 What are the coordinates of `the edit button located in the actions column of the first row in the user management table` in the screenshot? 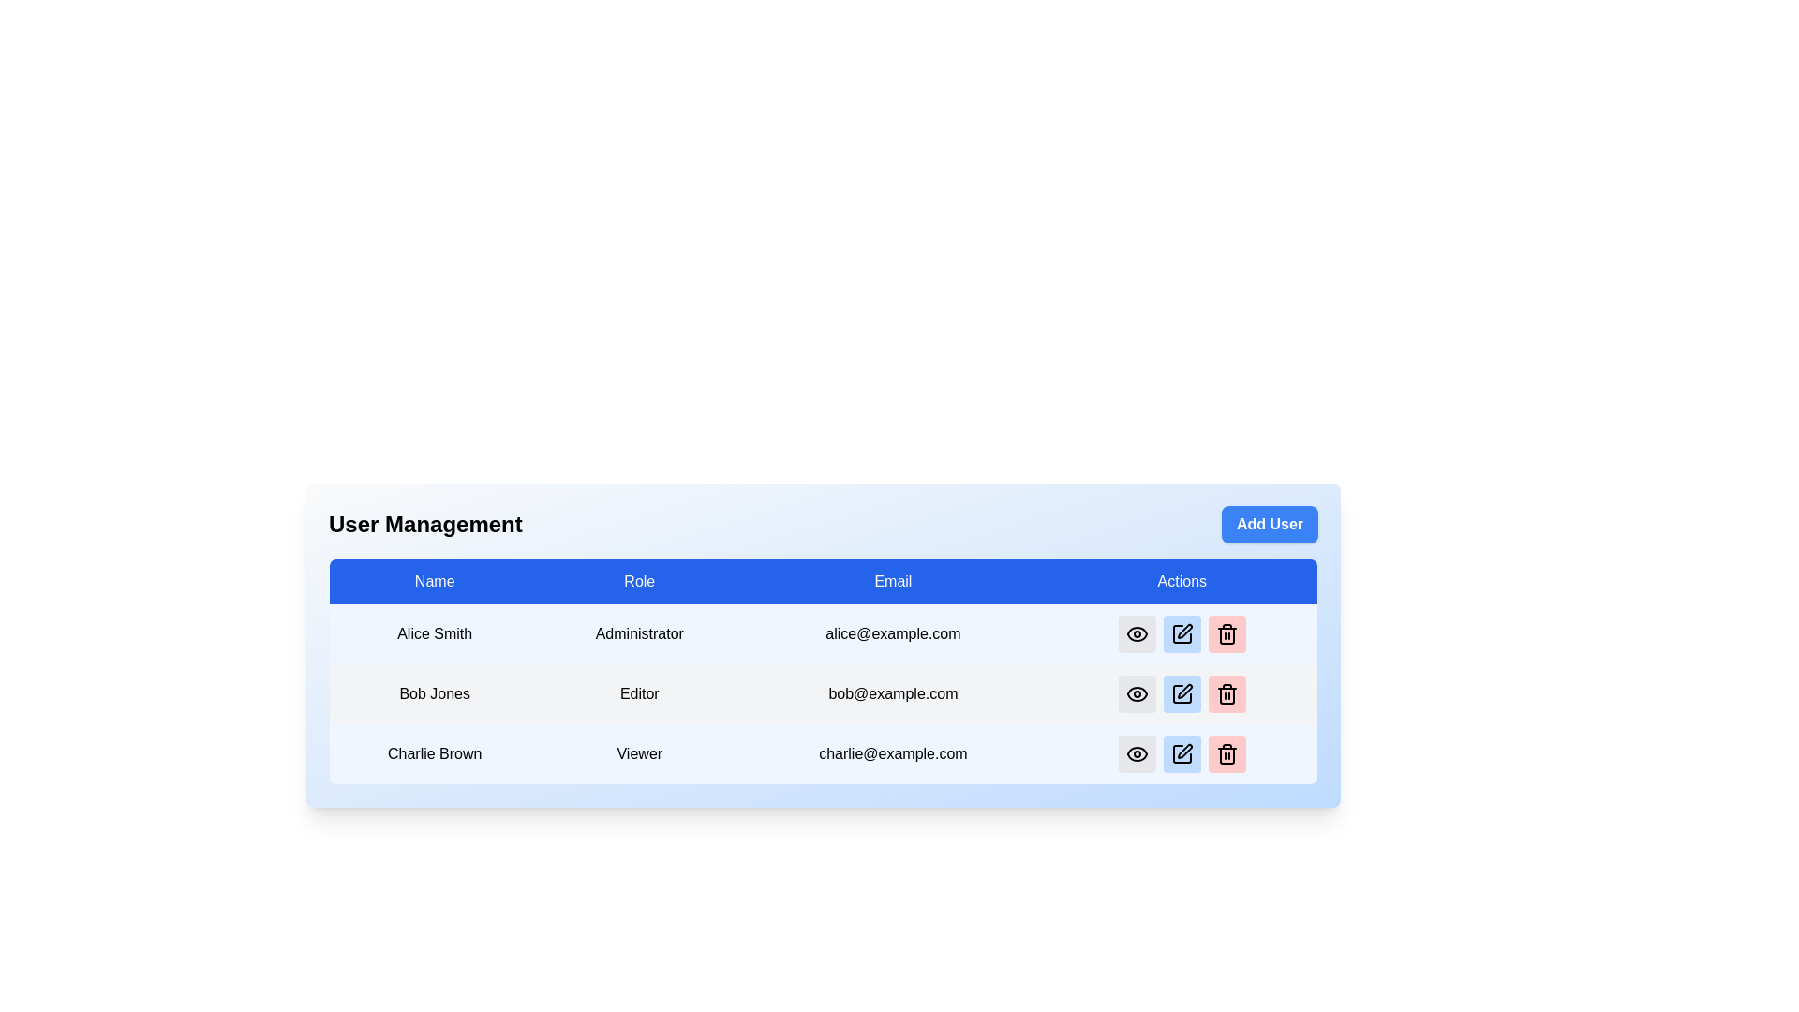 It's located at (1181, 633).